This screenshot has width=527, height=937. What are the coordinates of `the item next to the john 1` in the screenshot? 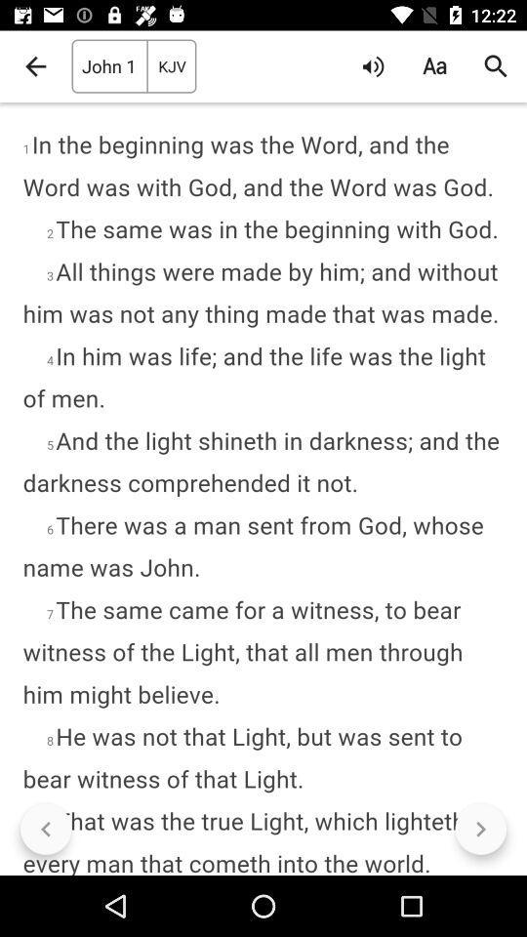 It's located at (35, 66).